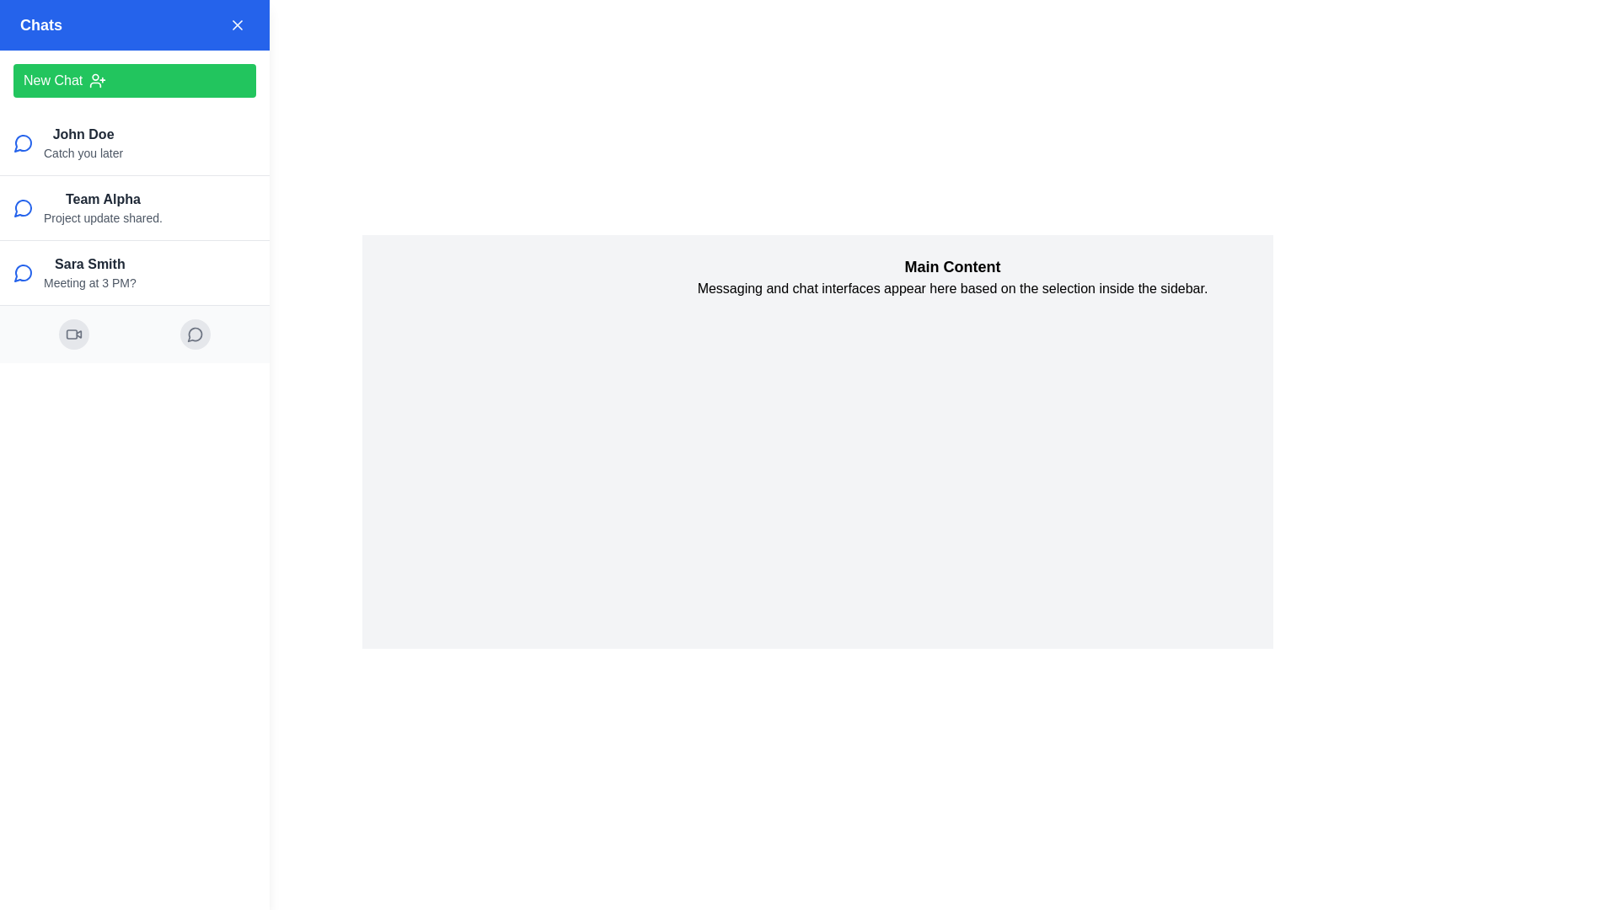 Image resolution: width=1618 pixels, height=910 pixels. I want to click on the circular blue outlined speech bubble icon located to the left of the 'Team Alpha' chat entry in the sidebar to initiate a chat-related action, so click(24, 206).